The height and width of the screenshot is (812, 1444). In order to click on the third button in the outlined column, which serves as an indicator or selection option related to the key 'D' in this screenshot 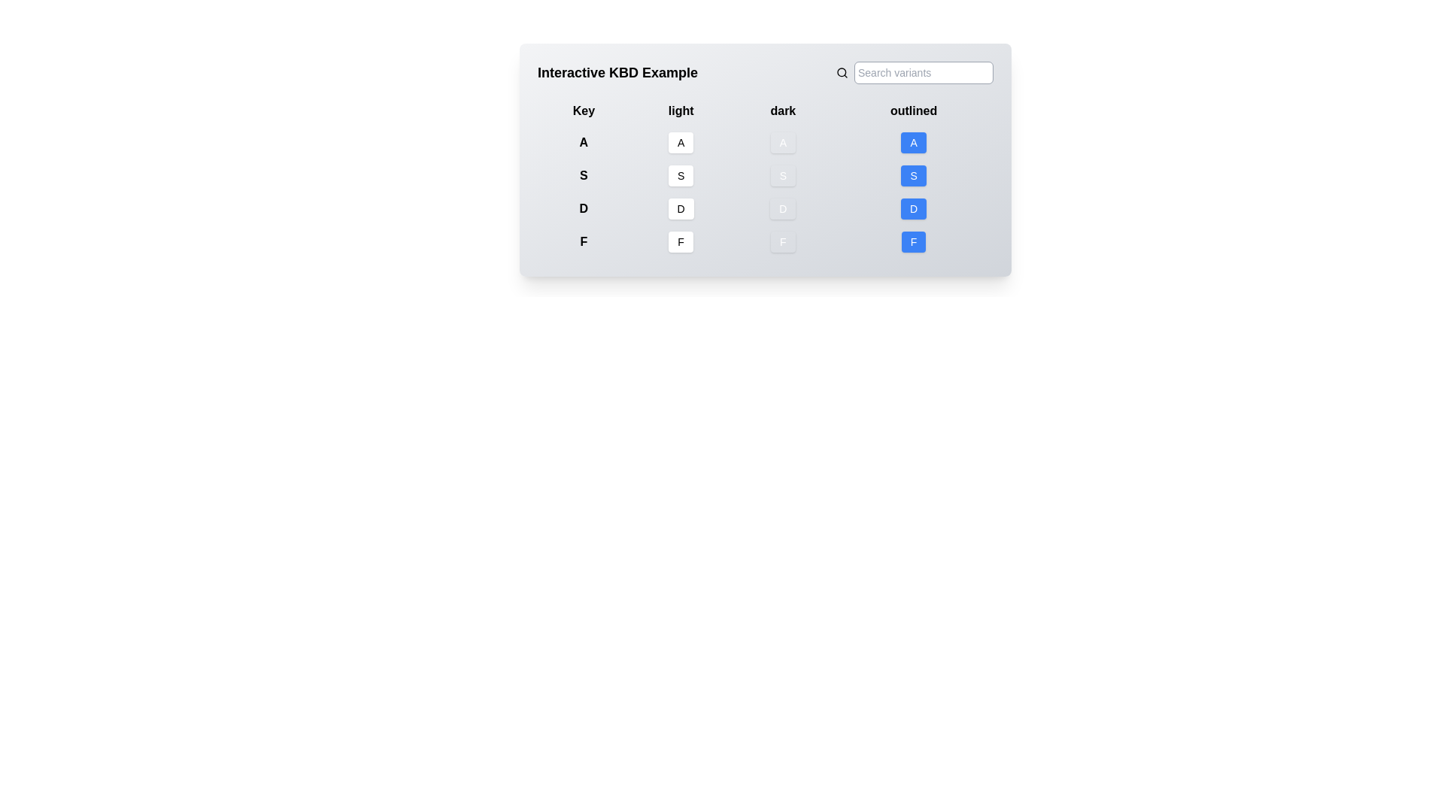, I will do `click(913, 208)`.